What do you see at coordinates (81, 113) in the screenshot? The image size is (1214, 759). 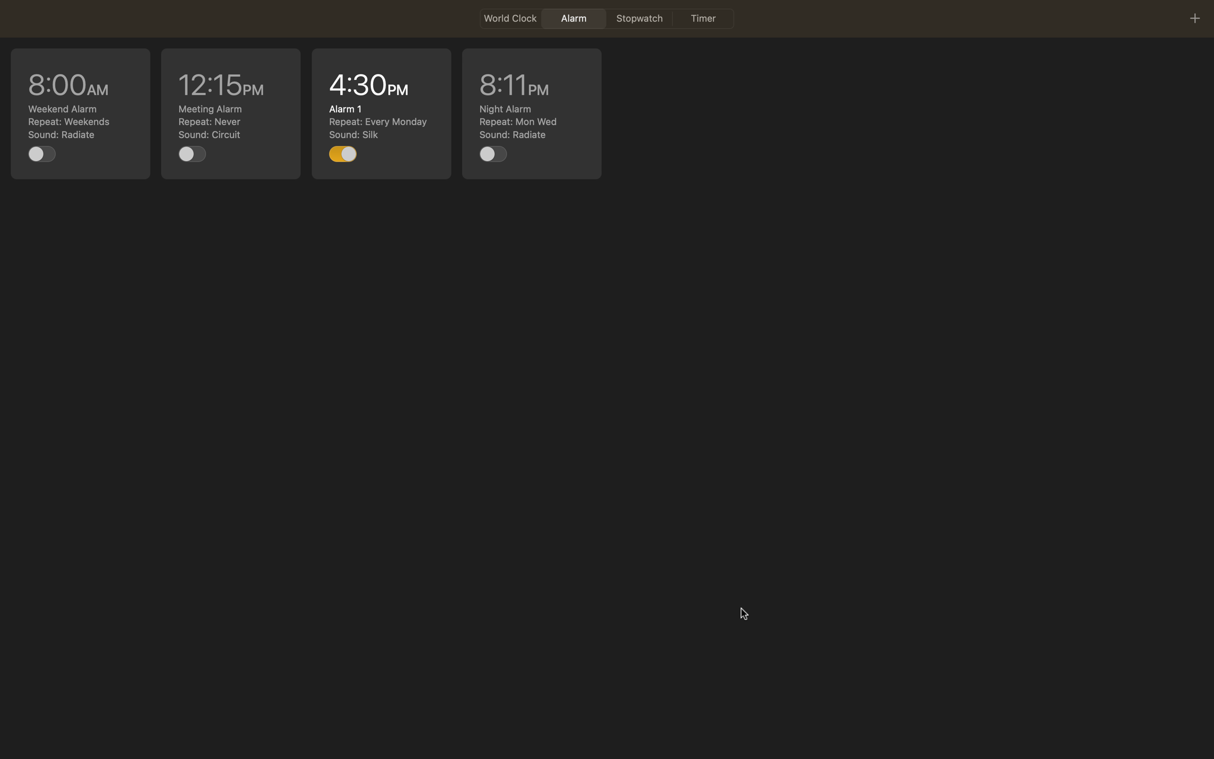 I see `Revise the 8am alert` at bounding box center [81, 113].